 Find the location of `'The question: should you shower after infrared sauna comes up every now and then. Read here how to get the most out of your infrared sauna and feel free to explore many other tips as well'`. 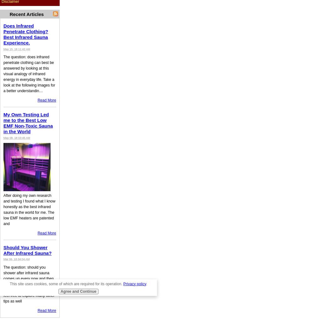

'The question: should you shower after infrared sauna comes up every now and then. Read here how to get the most out of your infrared sauna and feel free to explore many other tips as well' is located at coordinates (3, 284).